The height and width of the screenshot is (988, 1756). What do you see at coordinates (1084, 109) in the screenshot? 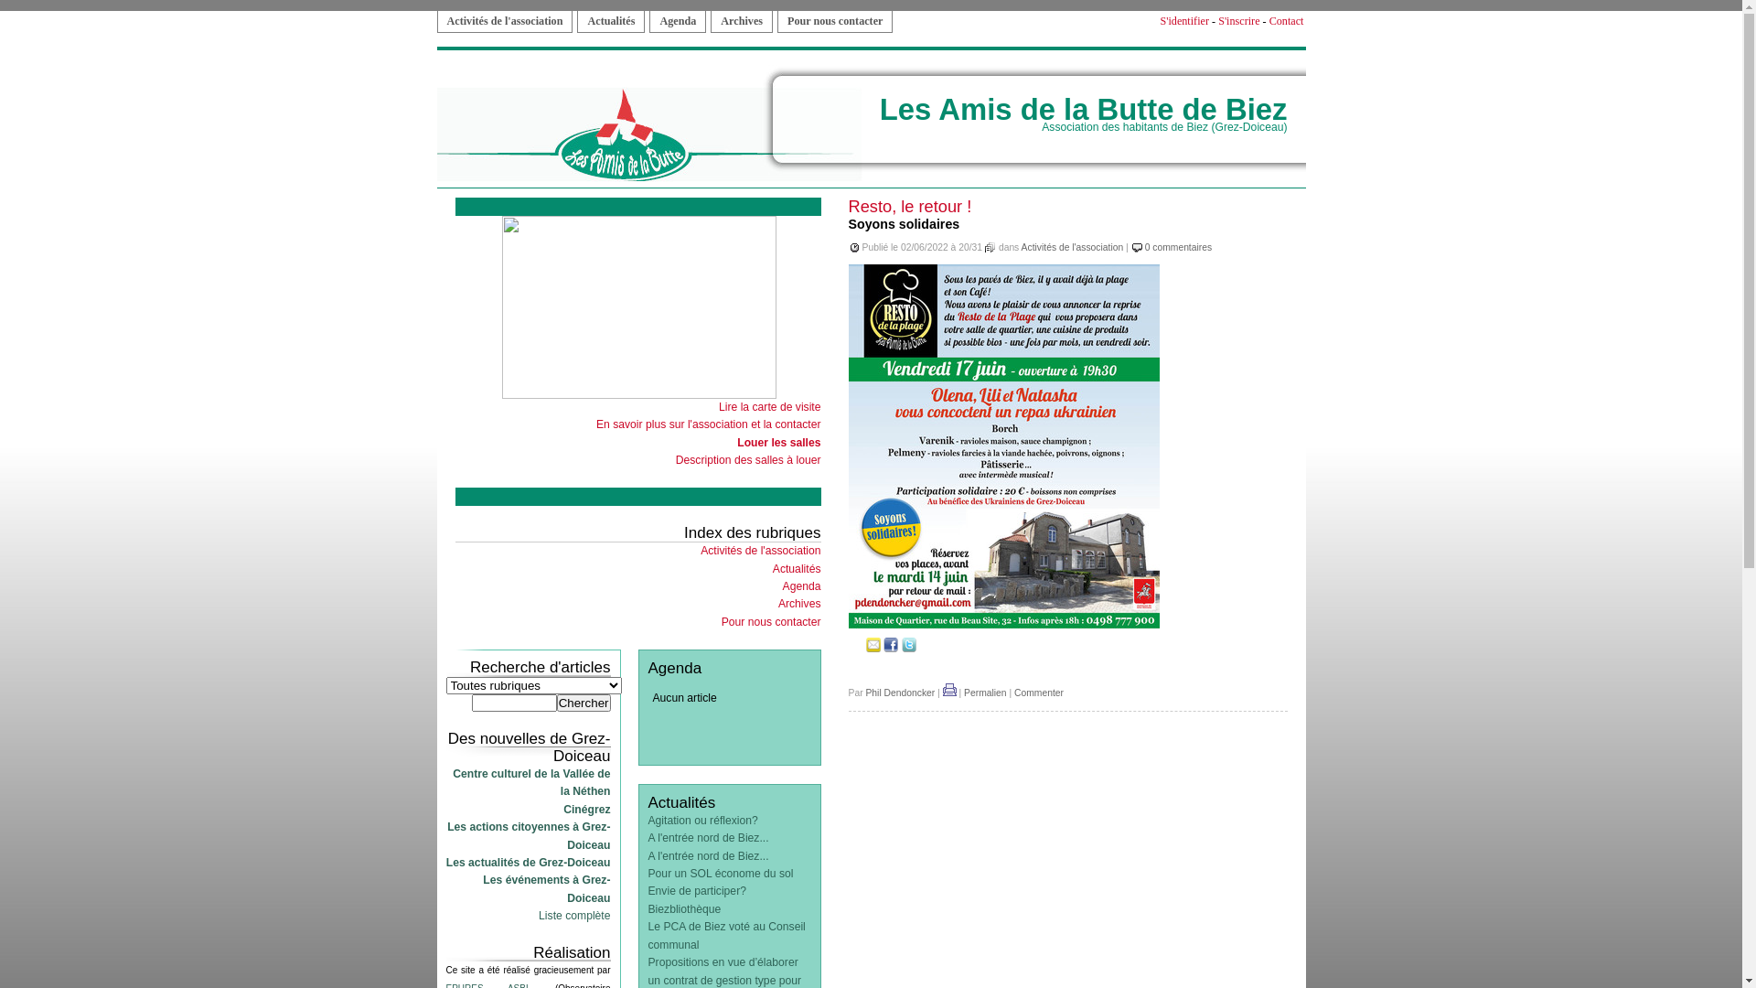
I see `'Les Amis de la Butte de Biez'` at bounding box center [1084, 109].